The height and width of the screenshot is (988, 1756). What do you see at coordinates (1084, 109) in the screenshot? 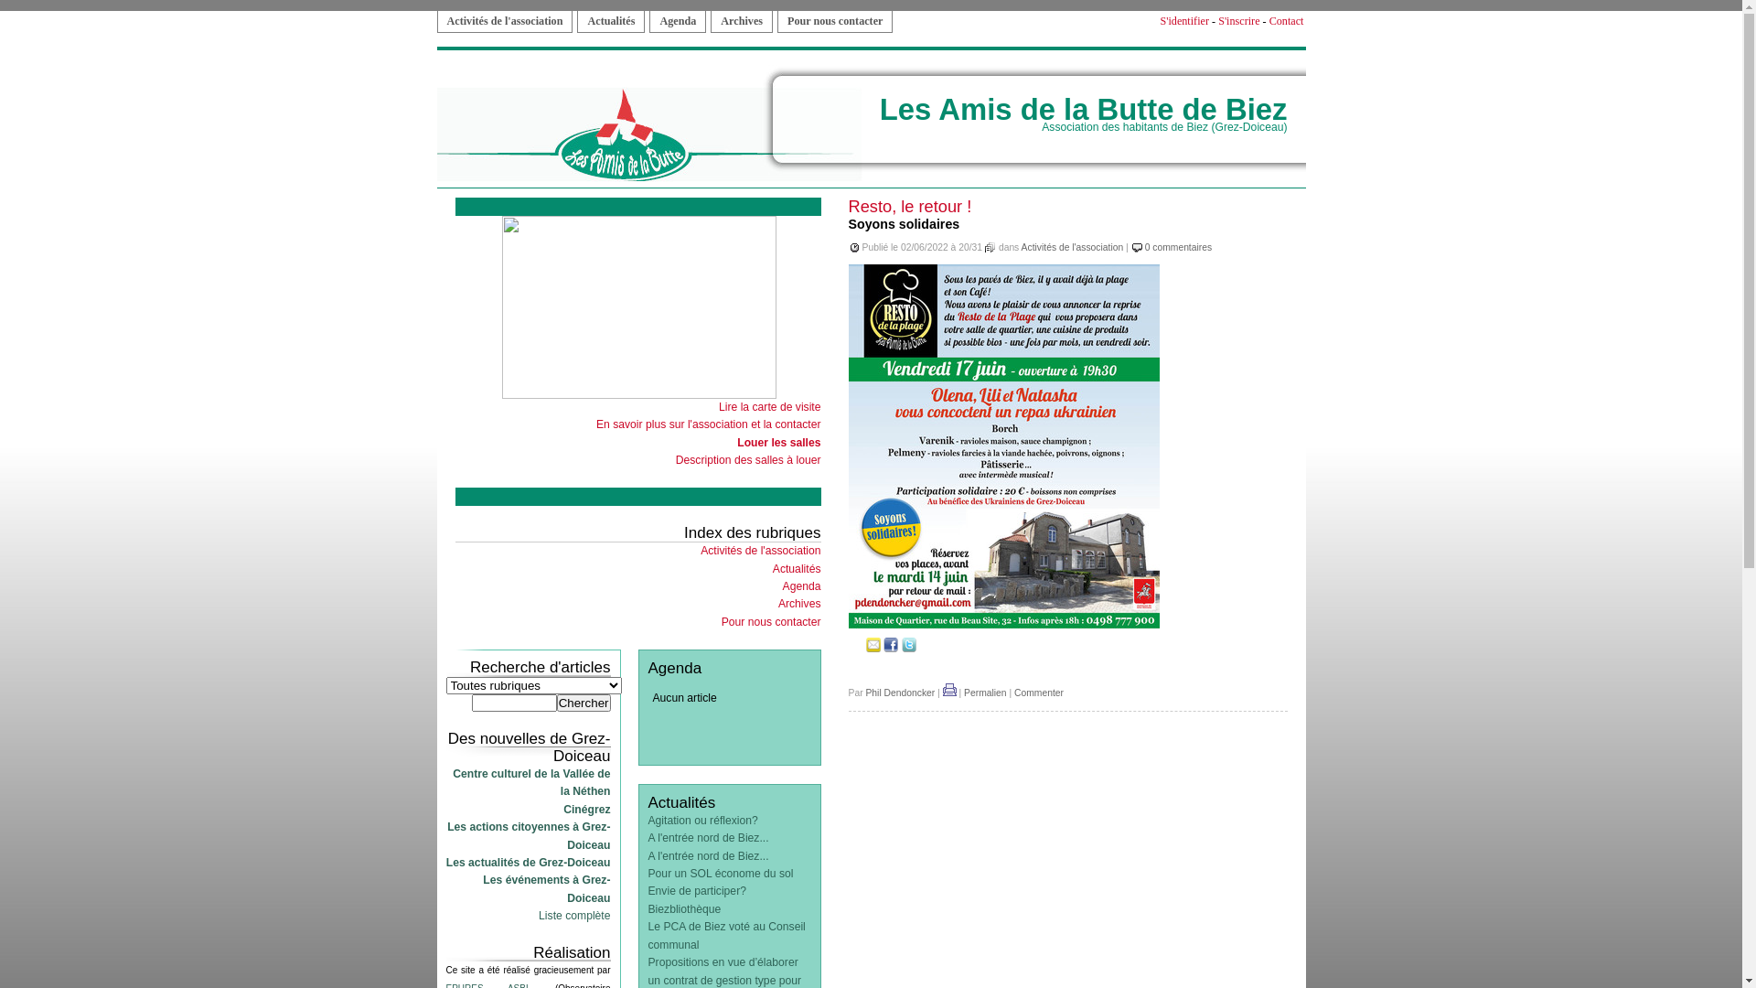
I see `'Les Amis de la Butte de Biez'` at bounding box center [1084, 109].